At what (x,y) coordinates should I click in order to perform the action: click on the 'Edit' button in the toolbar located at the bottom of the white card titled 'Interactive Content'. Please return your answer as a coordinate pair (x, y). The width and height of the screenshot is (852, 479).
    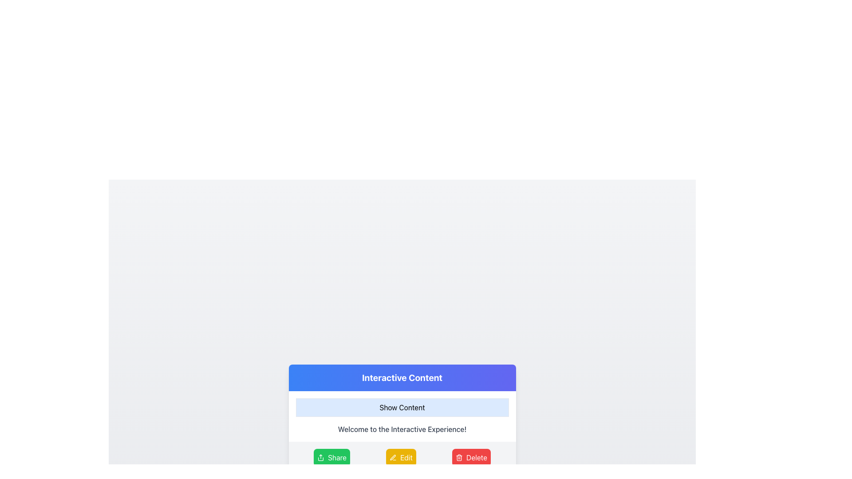
    Looking at the image, I should click on (402, 458).